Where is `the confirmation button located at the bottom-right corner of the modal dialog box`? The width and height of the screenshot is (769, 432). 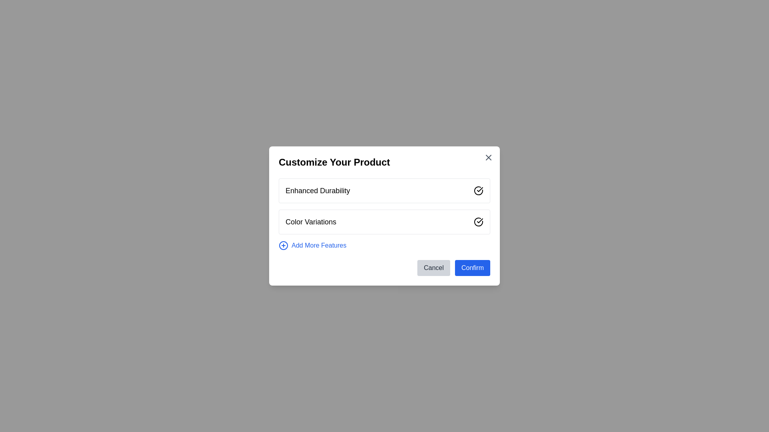 the confirmation button located at the bottom-right corner of the modal dialog box is located at coordinates (473, 268).